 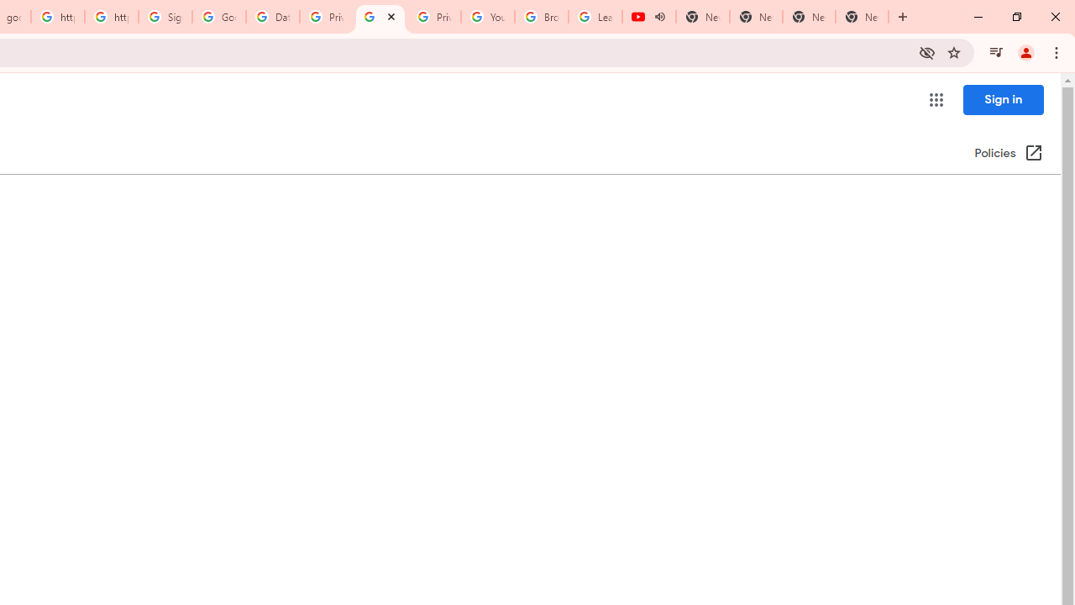 I want to click on 'New Tab', so click(x=862, y=17).